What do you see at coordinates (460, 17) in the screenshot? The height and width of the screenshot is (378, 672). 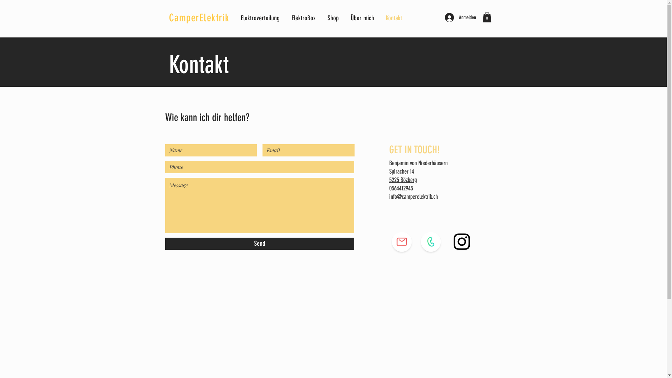 I see `'Anmelden'` at bounding box center [460, 17].